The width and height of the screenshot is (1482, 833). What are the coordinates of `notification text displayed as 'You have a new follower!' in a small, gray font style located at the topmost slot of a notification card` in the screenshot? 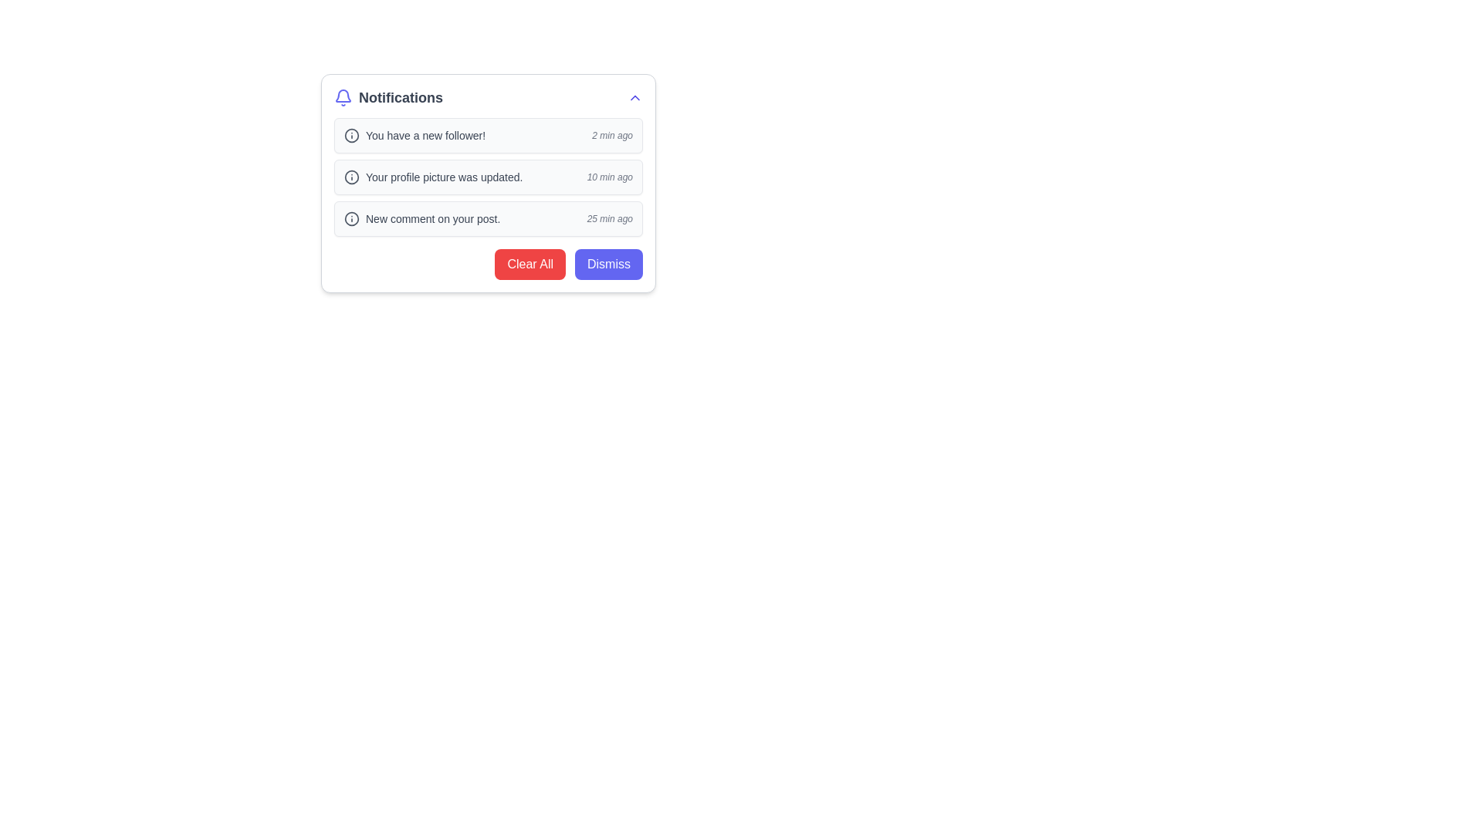 It's located at (425, 135).